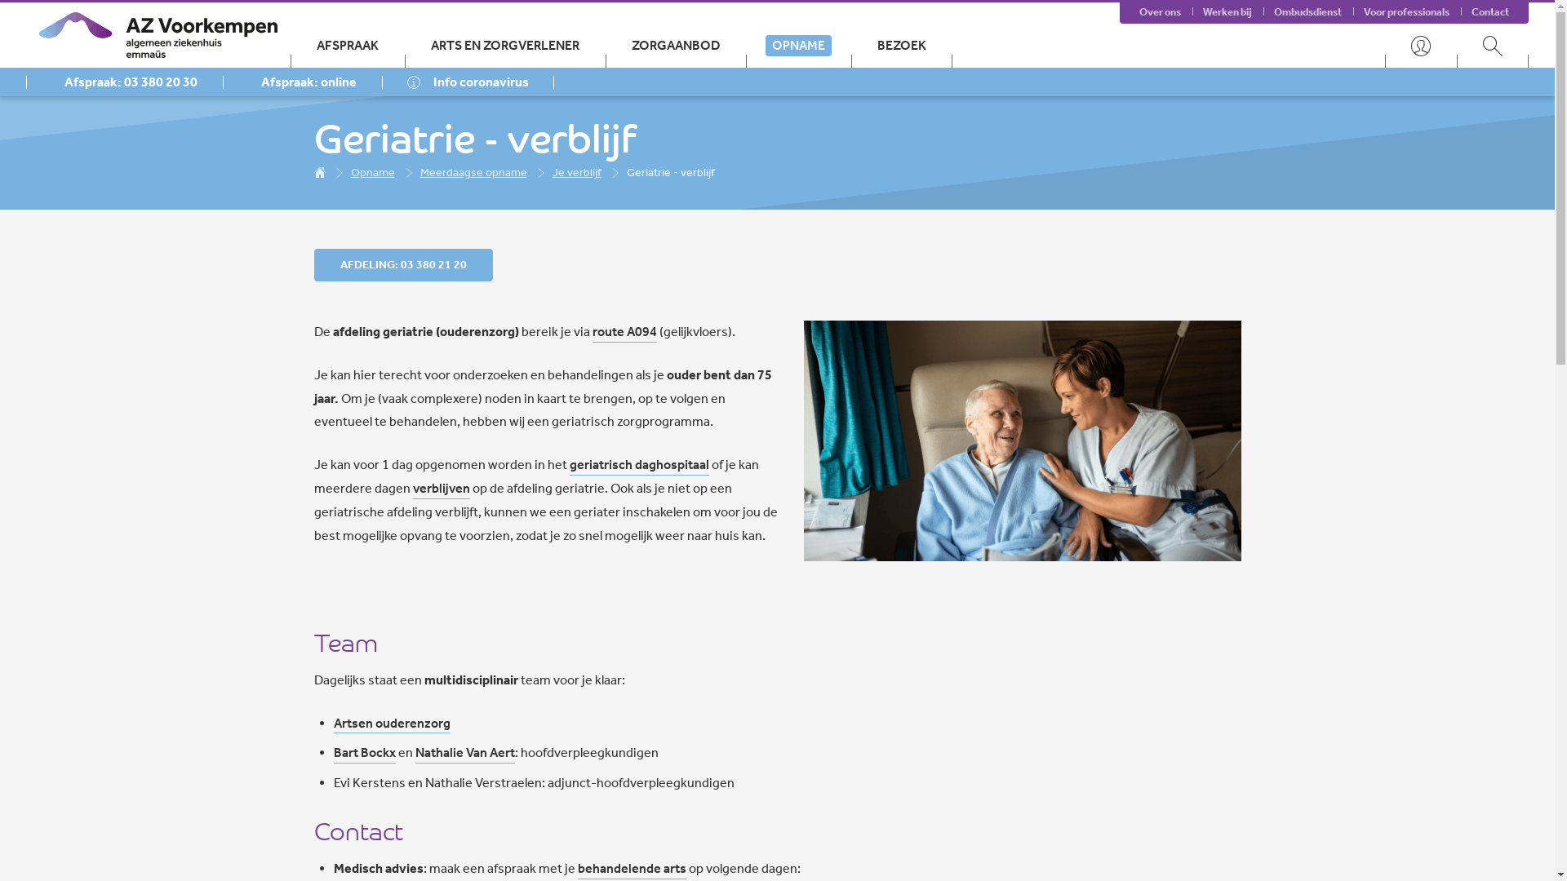 The image size is (1567, 881). Describe the element at coordinates (332, 753) in the screenshot. I see `'Bart Bockx'` at that location.